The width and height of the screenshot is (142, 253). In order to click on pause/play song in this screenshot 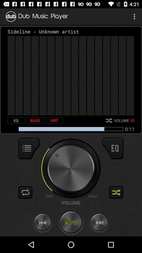, I will do `click(71, 222)`.